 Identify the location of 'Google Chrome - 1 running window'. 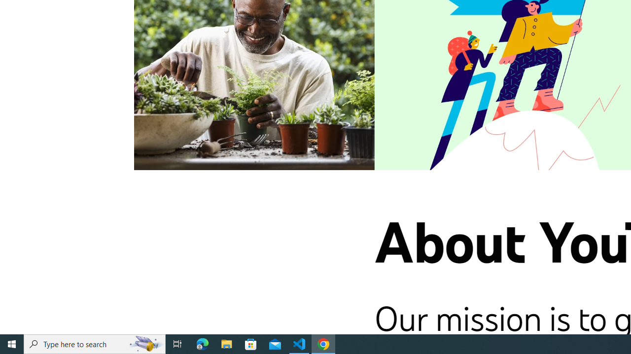
(323, 343).